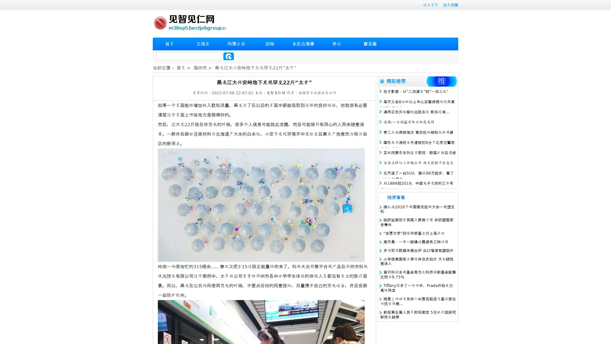  Describe the element at coordinates (228, 56) in the screenshot. I see `Search` at that location.